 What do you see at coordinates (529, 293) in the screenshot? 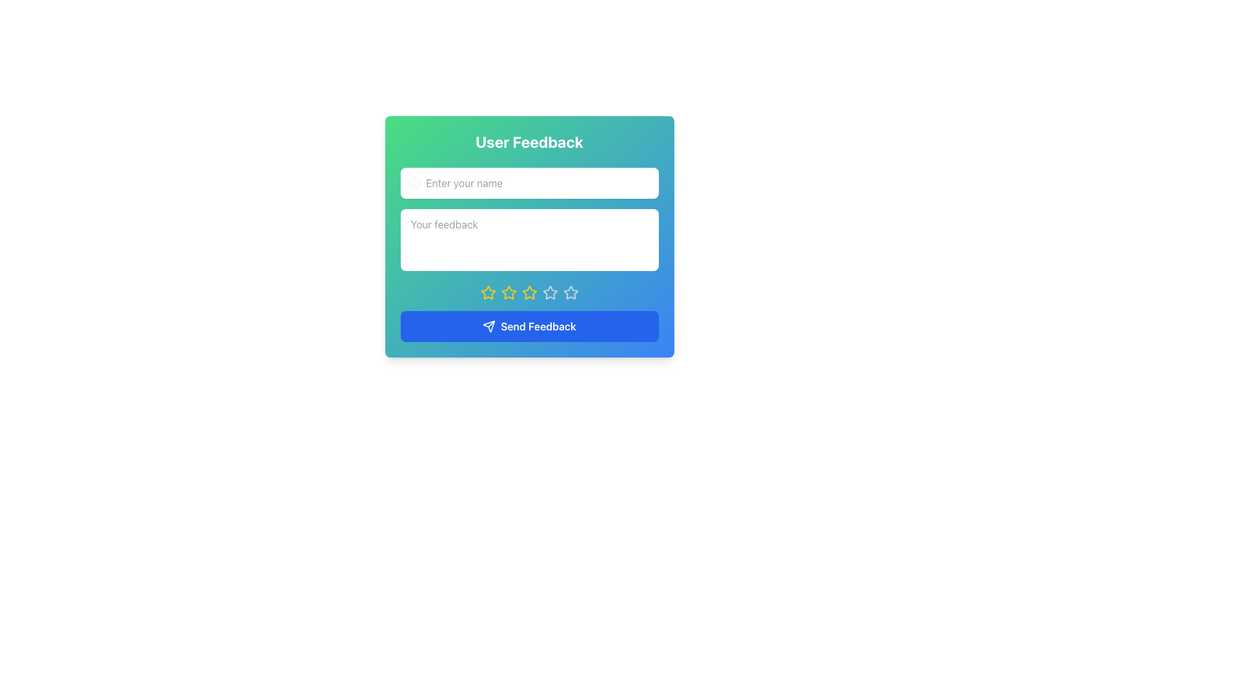
I see `the fourth star icon in the rating component` at bounding box center [529, 293].